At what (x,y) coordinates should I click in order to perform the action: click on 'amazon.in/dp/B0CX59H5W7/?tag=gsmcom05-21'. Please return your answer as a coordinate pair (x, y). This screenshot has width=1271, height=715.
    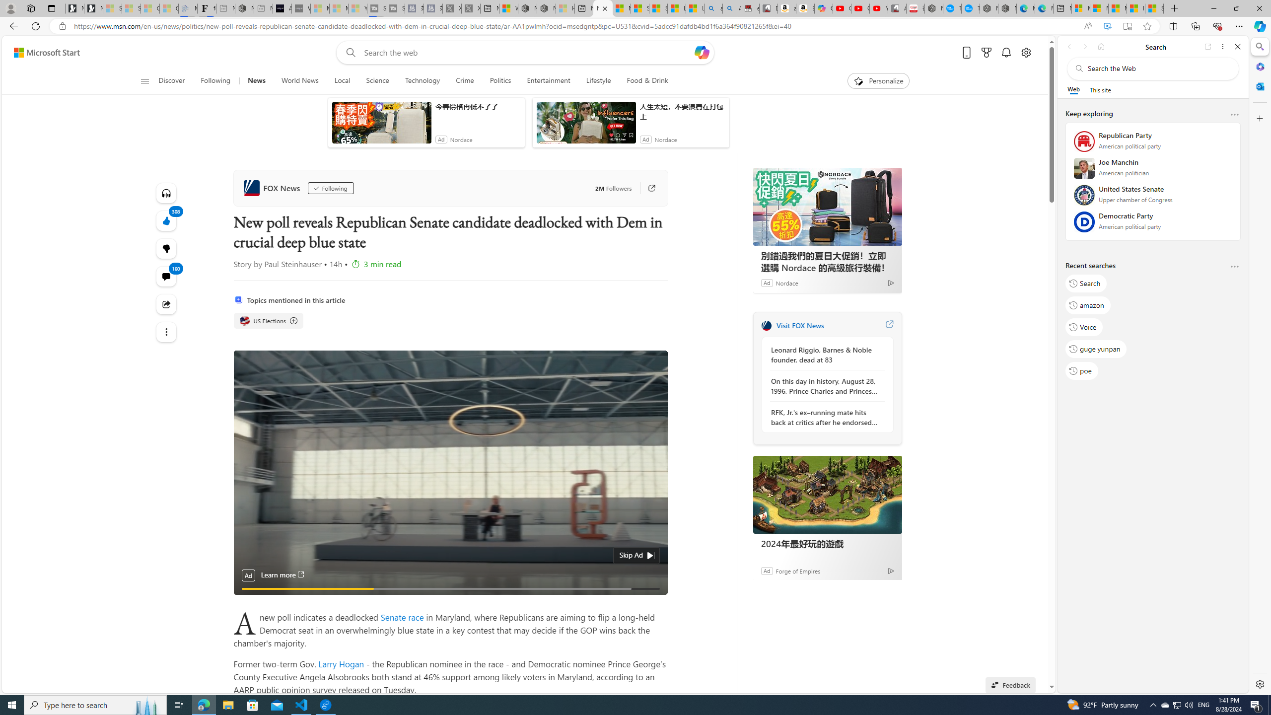
    Looking at the image, I should click on (787, 8).